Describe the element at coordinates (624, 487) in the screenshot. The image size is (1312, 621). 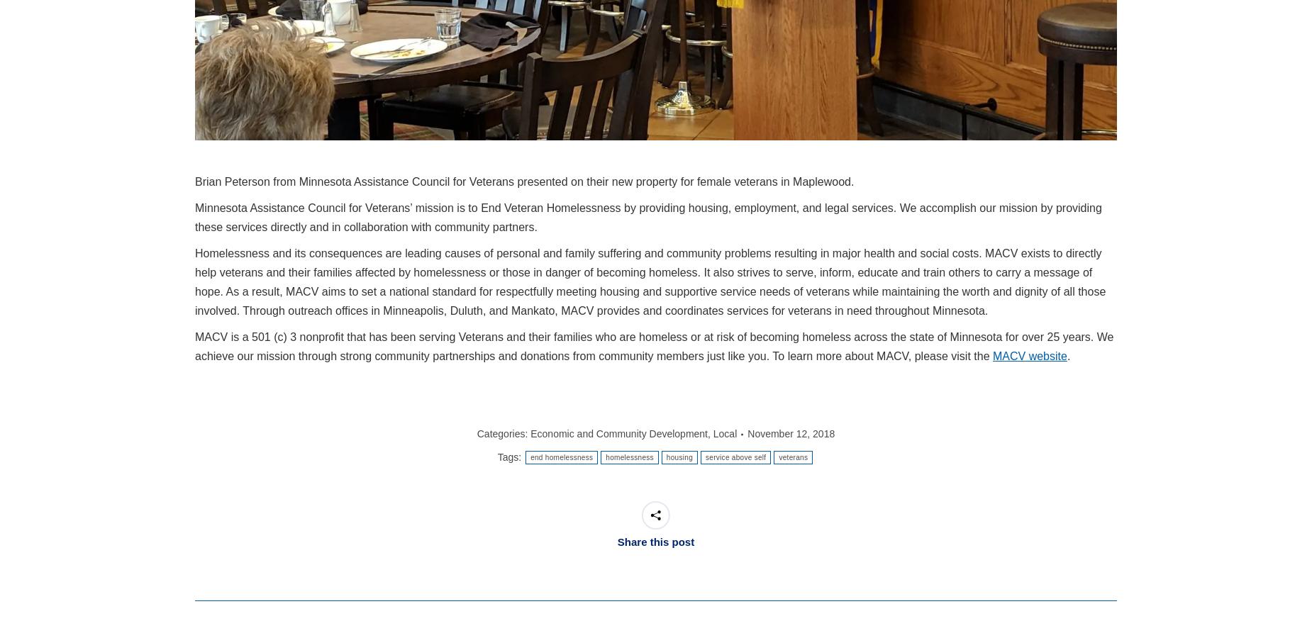
I see `'Pin it'` at that location.